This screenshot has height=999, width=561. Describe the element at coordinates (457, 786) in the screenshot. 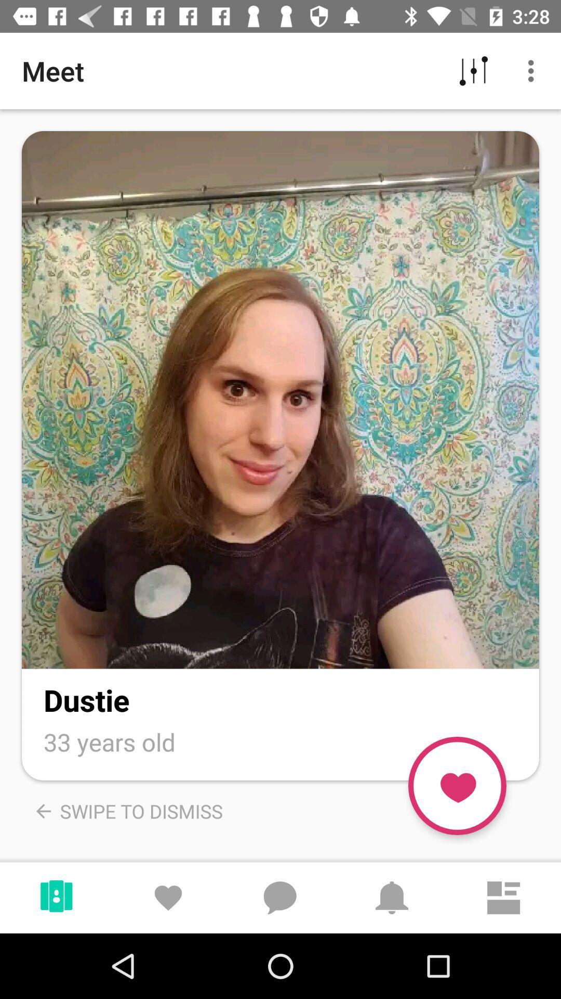

I see `like the photo` at that location.